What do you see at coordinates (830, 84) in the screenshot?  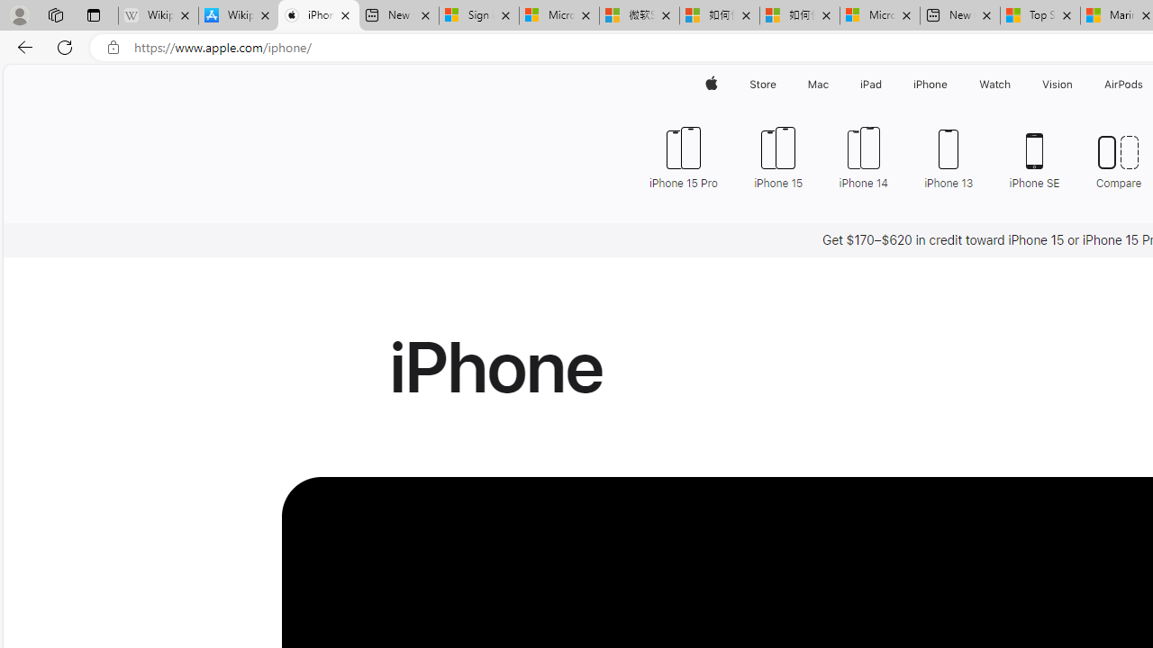 I see `'Mac menu'` at bounding box center [830, 84].